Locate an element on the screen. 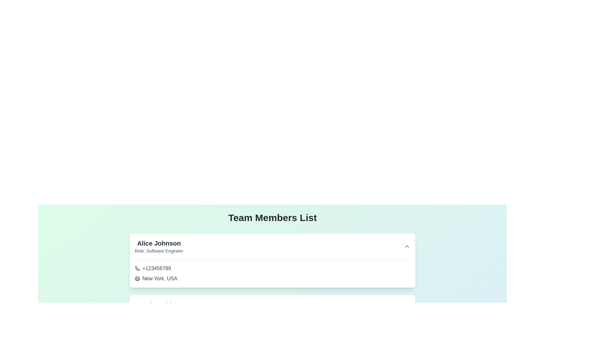 This screenshot has height=344, width=612. the phone icon with a curved receiver design located next to the text '+123456789' in the contact card for 'Alice Johnson' is located at coordinates (137, 268).